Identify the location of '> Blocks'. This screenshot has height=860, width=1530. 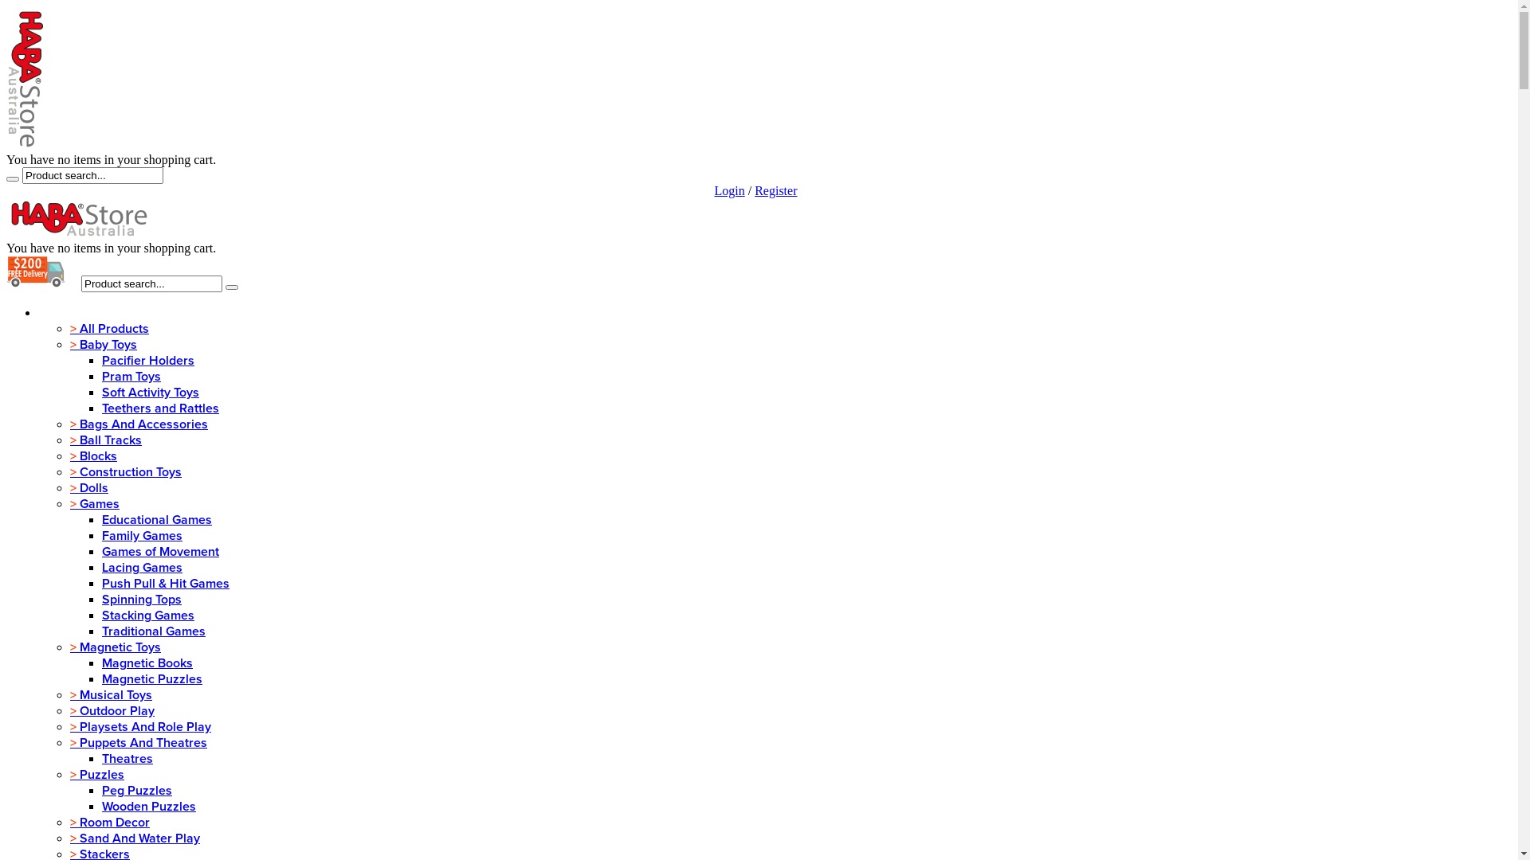
(69, 456).